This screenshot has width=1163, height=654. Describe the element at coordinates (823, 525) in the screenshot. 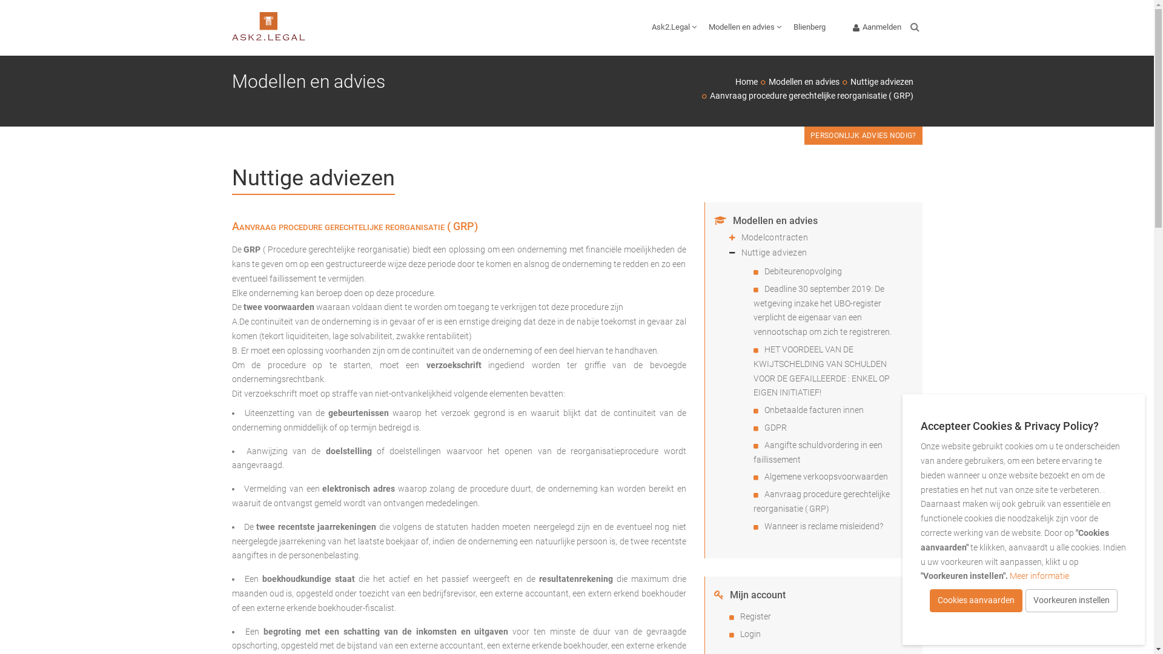

I see `'Wanneer is reclame misleidend?'` at that location.